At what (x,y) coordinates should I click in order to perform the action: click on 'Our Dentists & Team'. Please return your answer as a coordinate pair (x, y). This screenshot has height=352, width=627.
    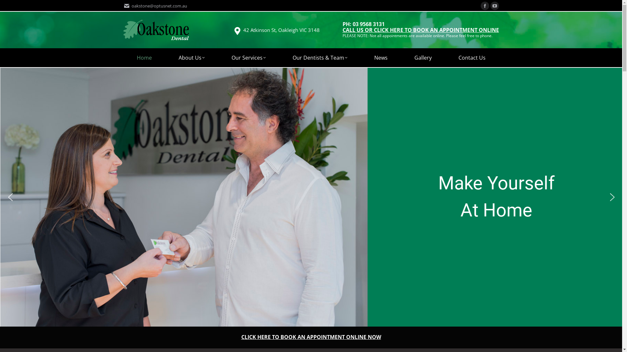
    Looking at the image, I should click on (320, 57).